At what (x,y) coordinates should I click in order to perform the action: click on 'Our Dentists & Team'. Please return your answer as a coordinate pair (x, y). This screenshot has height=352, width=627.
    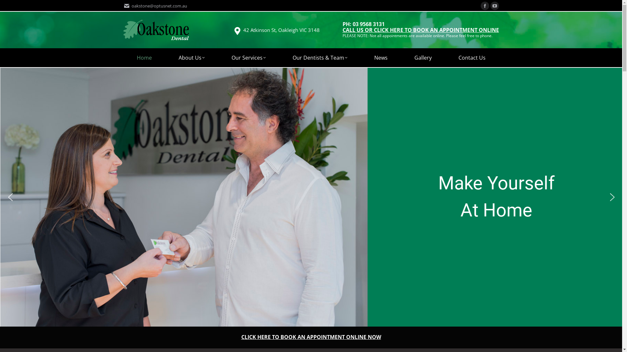
    Looking at the image, I should click on (320, 57).